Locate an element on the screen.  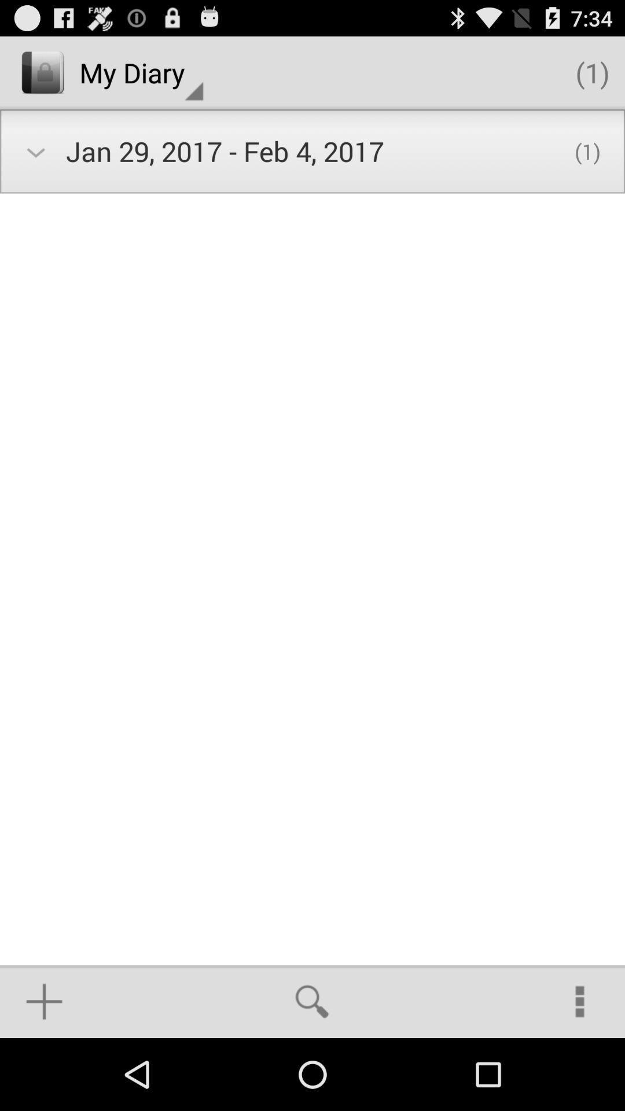
my diary is located at coordinates (141, 72).